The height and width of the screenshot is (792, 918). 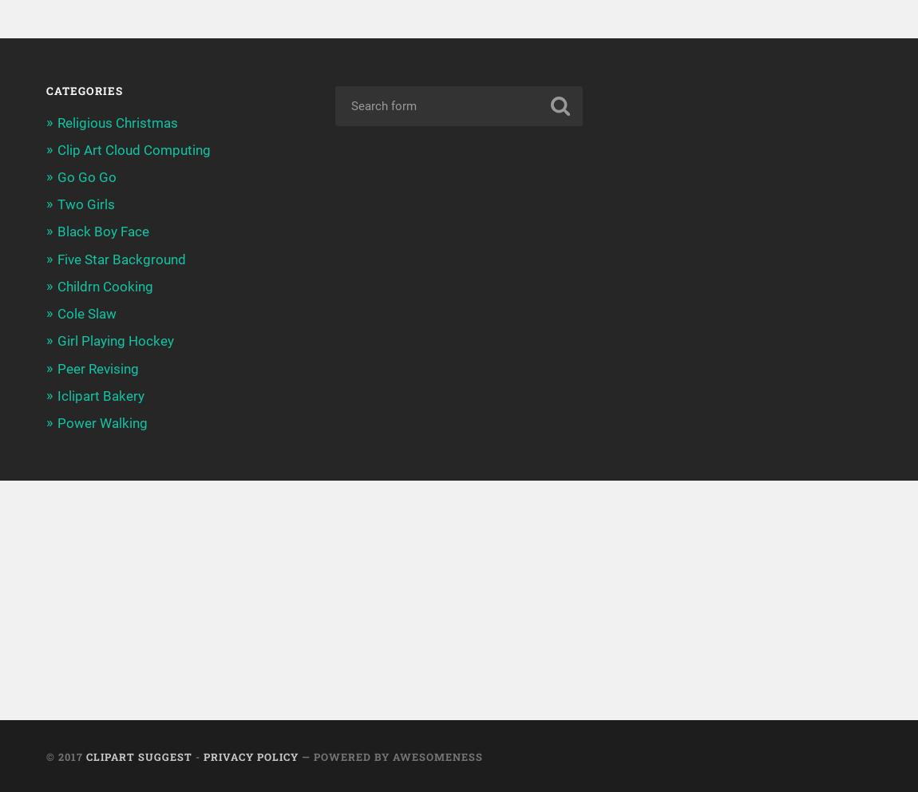 What do you see at coordinates (120, 258) in the screenshot?
I see `'Five Star Background'` at bounding box center [120, 258].